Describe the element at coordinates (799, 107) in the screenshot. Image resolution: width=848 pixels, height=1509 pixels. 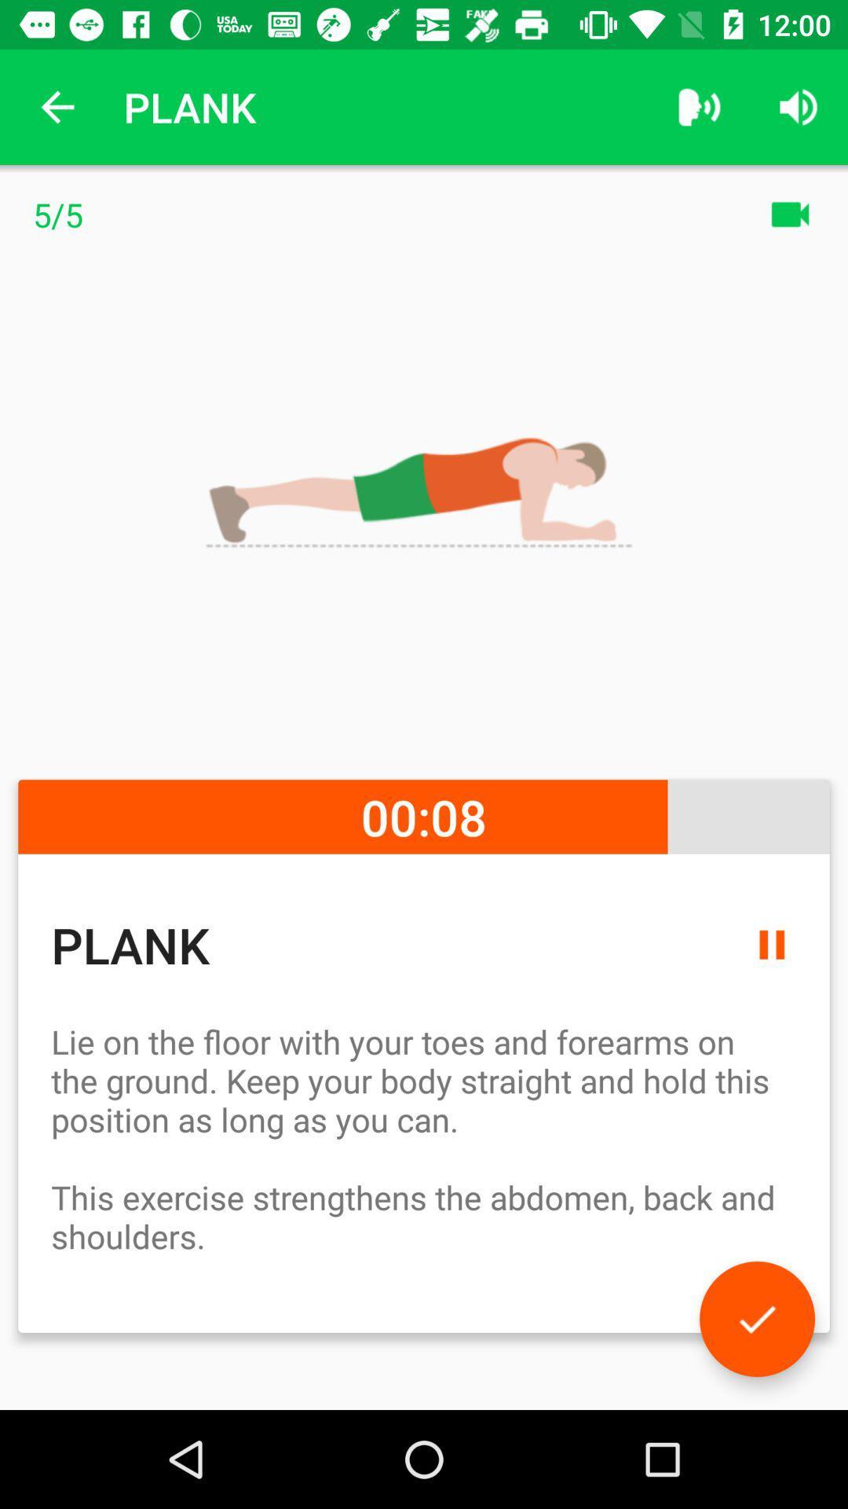
I see `the icon which is on the top right corner of the page` at that location.